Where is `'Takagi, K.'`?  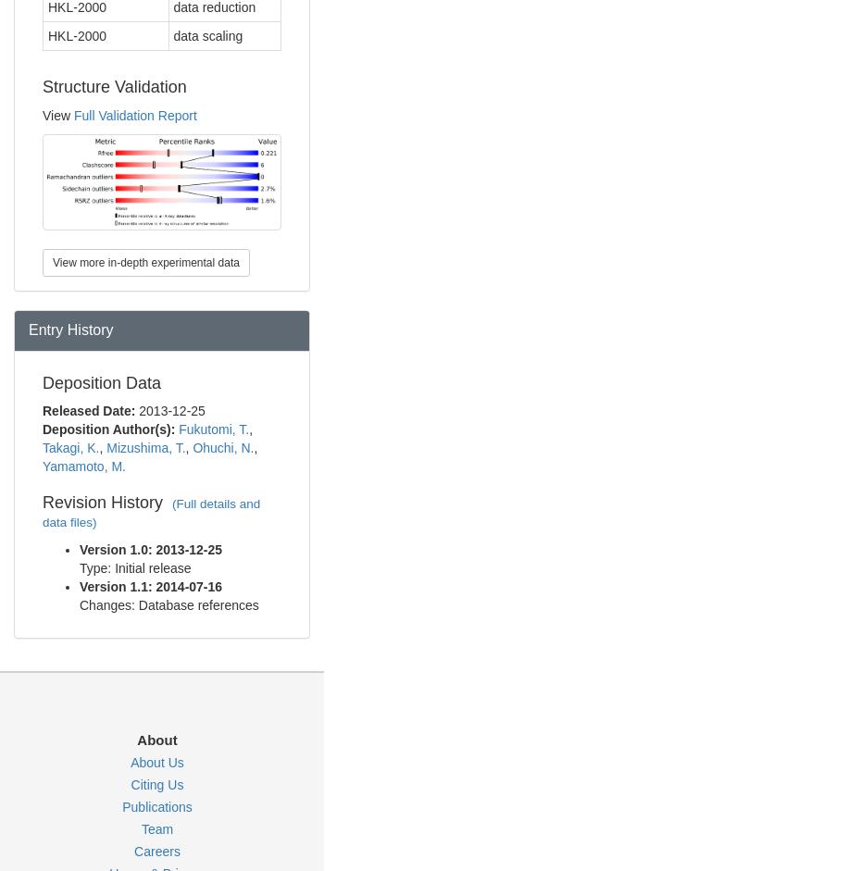 'Takagi, K.' is located at coordinates (69, 446).